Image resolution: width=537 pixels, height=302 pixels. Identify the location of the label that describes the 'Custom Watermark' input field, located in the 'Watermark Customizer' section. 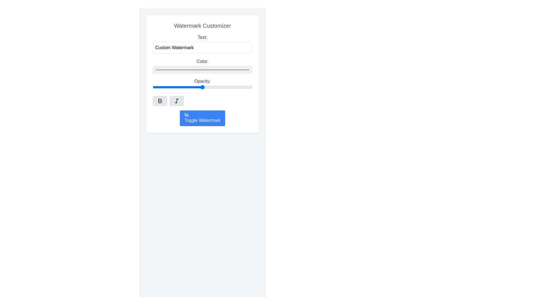
(202, 37).